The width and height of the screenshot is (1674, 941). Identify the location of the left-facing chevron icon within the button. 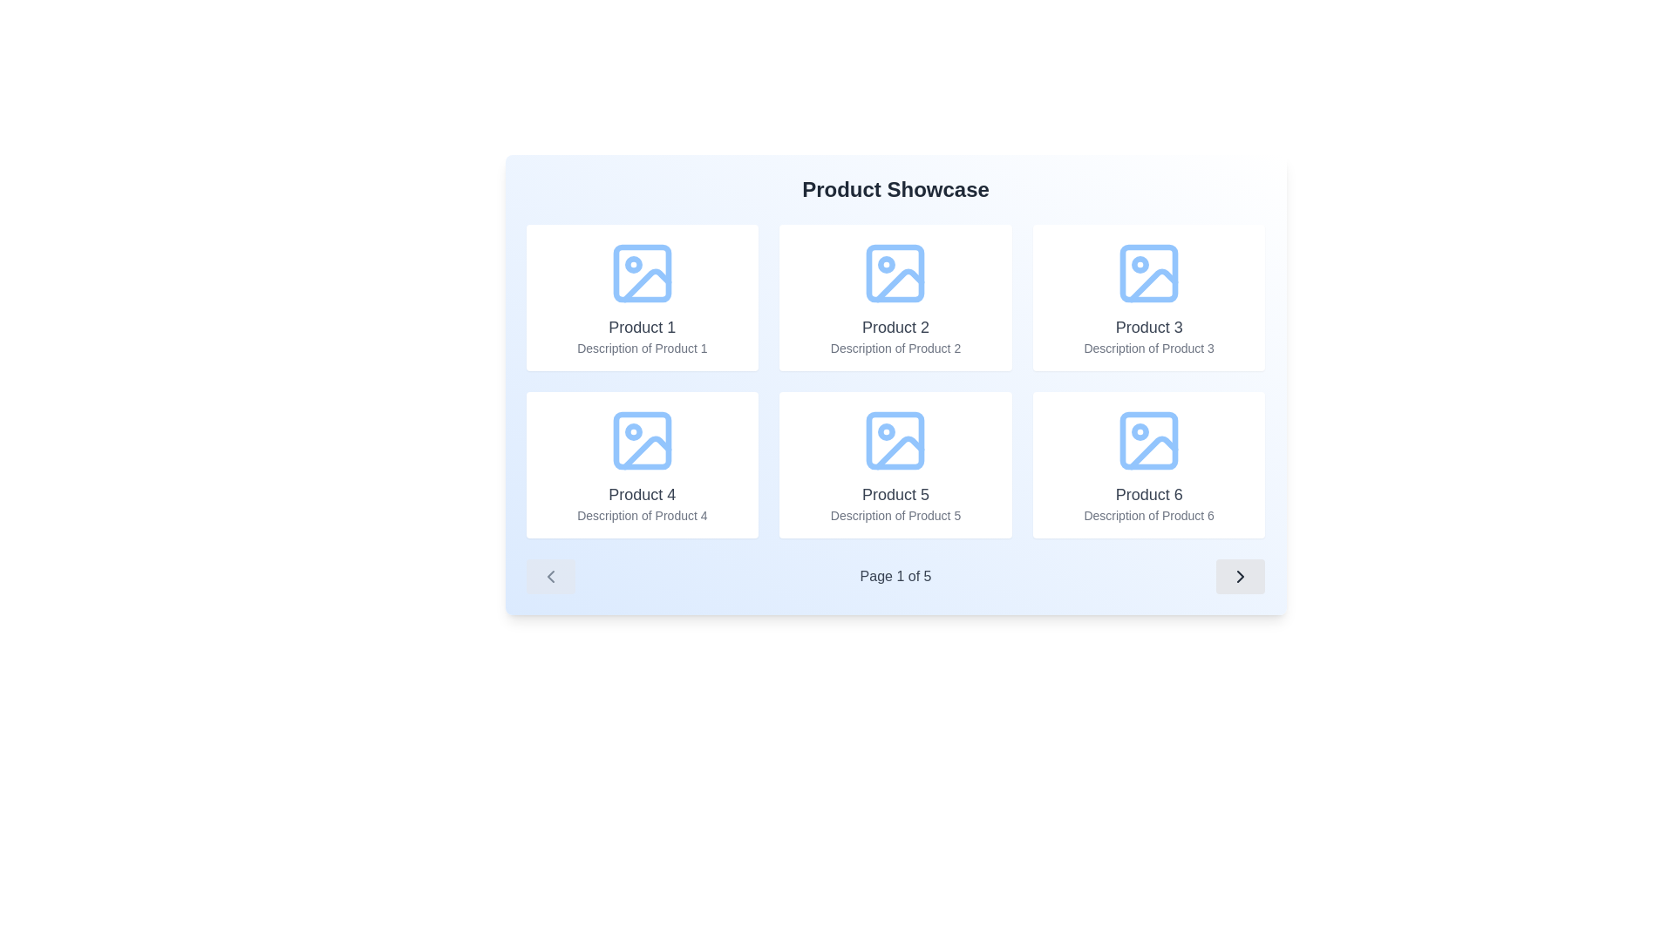
(549, 577).